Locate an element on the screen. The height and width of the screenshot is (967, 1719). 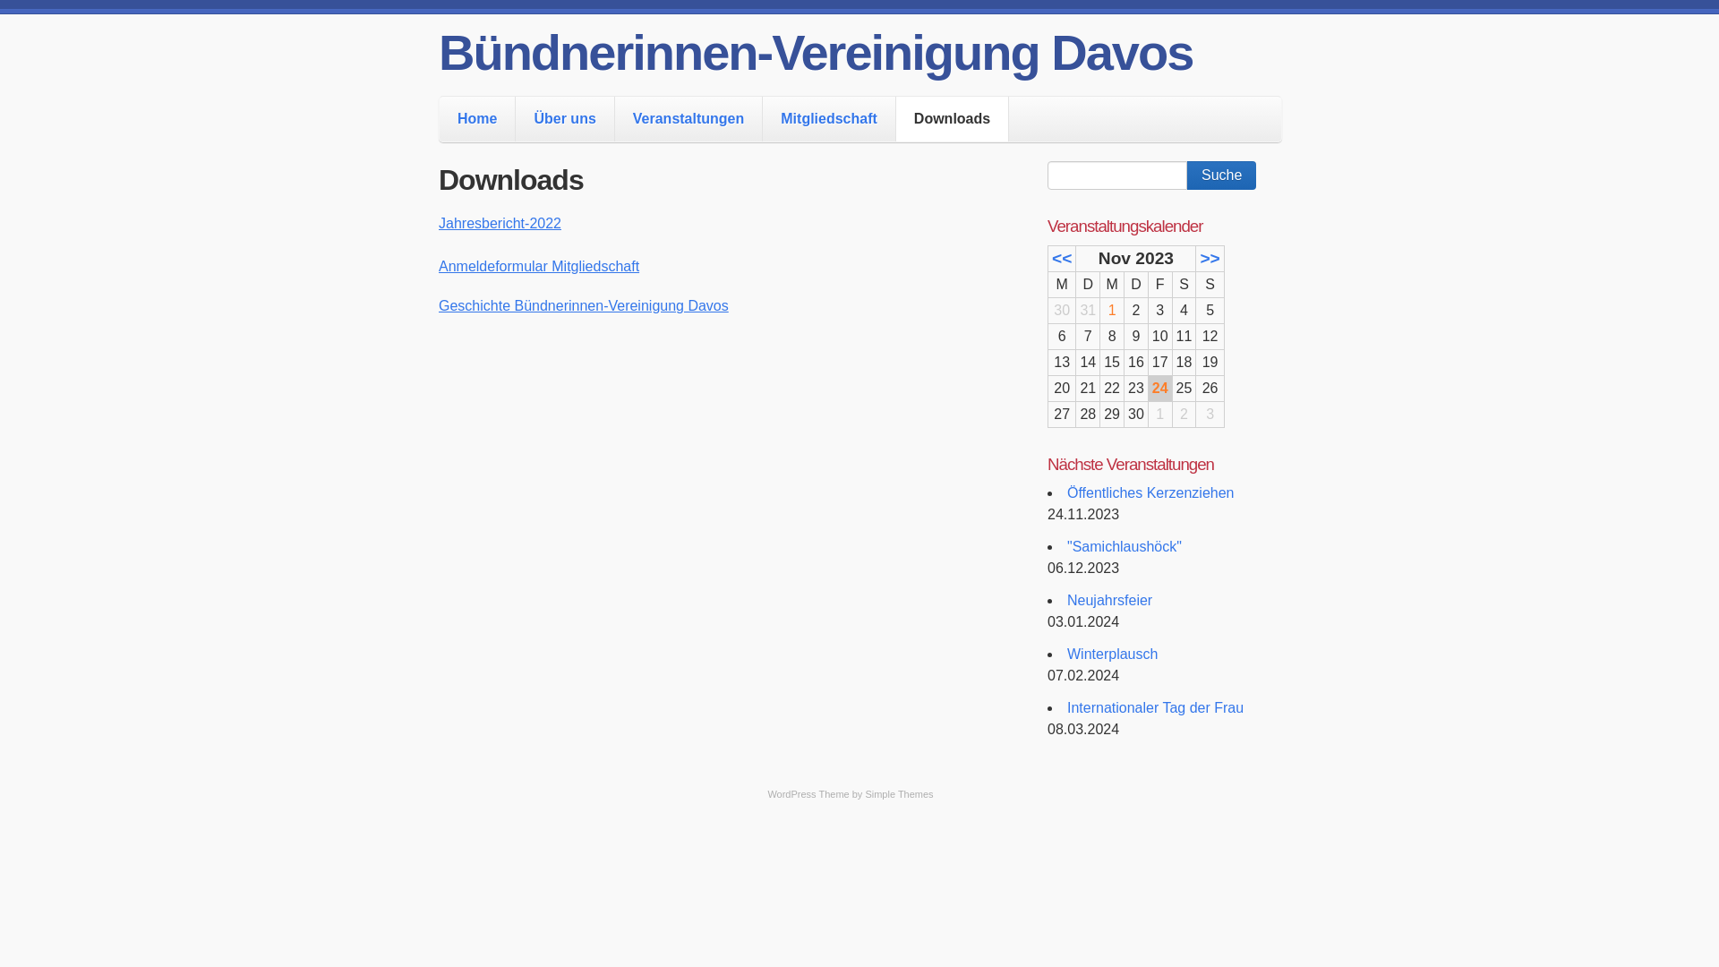
'Veranstaltungen' is located at coordinates (687, 118).